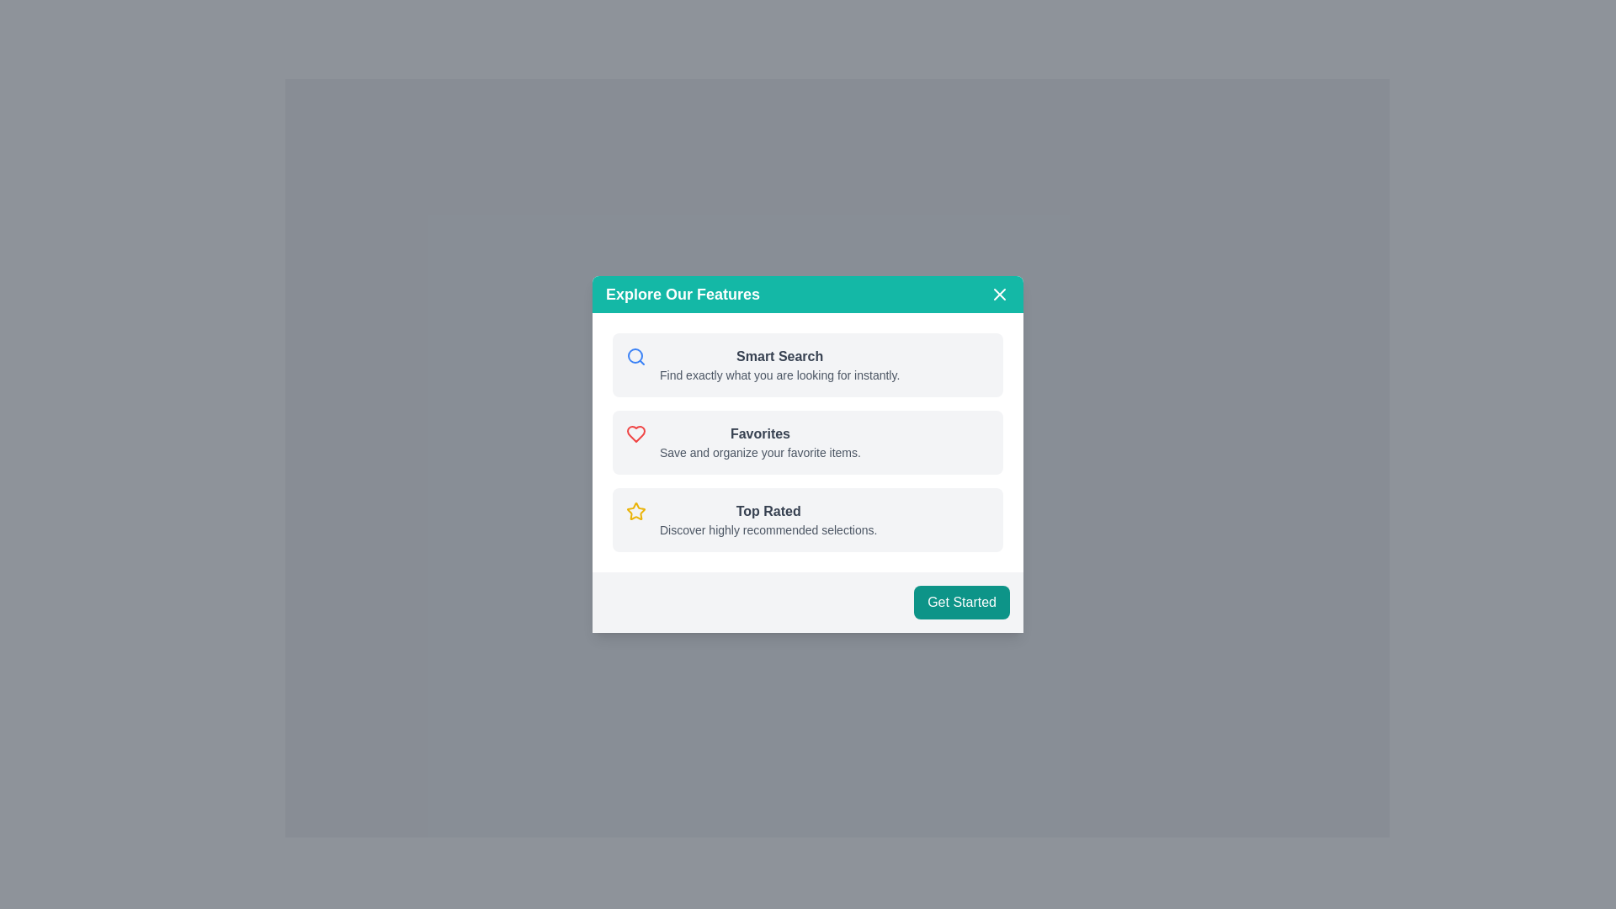  What do you see at coordinates (1000, 294) in the screenshot?
I see `the close button located at the top-right corner of the modal header, adjacent to the 'Explore Our Features' text` at bounding box center [1000, 294].